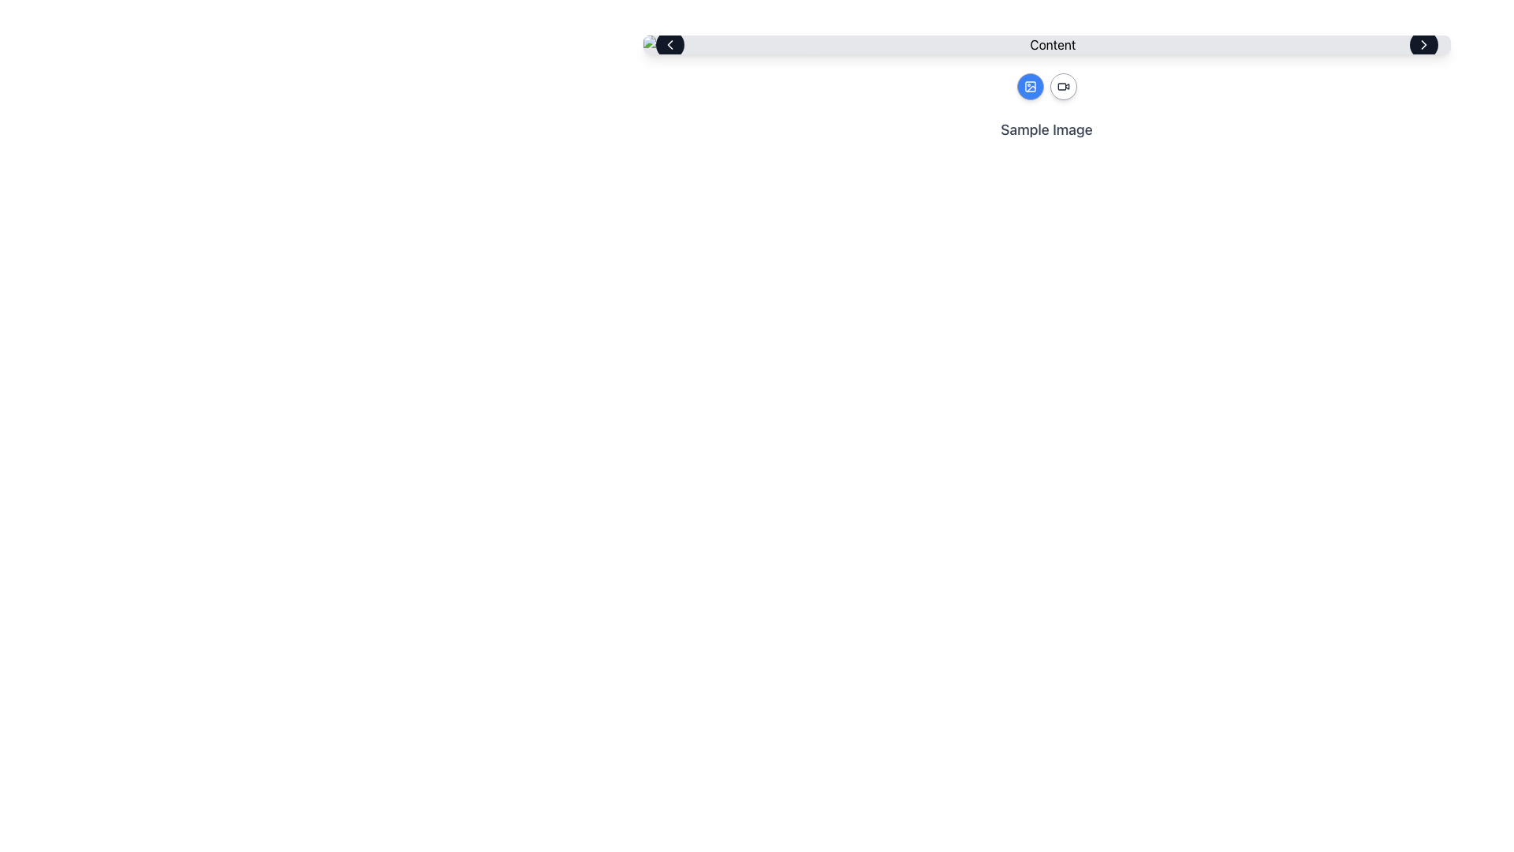 This screenshot has width=1514, height=852. I want to click on the rounded button with a white background and a camera icon, which is the second button in the top-right center of the interface, so click(1063, 87).